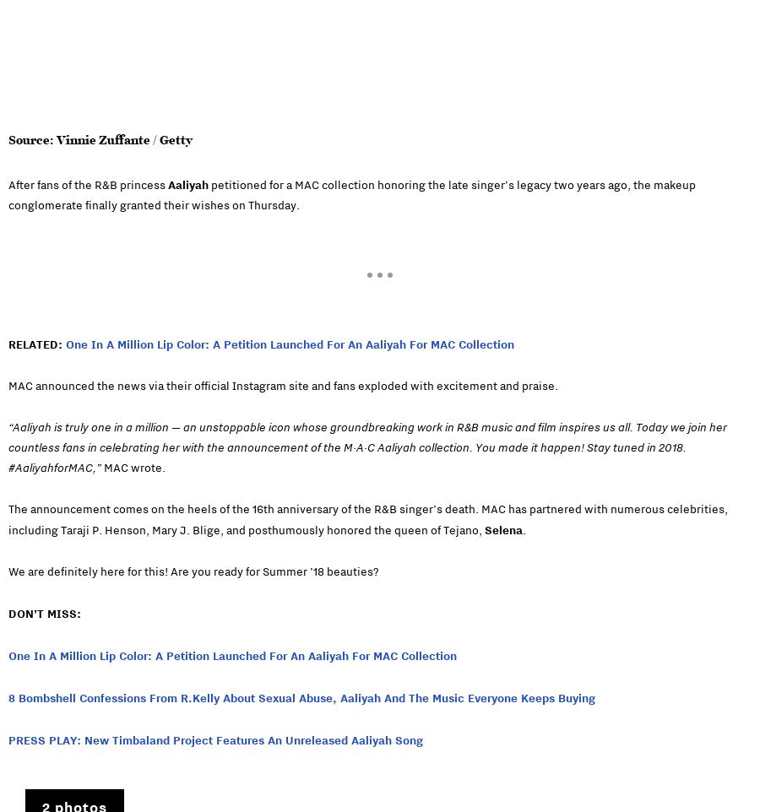  What do you see at coordinates (7, 571) in the screenshot?
I see `'We are definitely here for this! Are you ready for Summer ’18 beauties?'` at bounding box center [7, 571].